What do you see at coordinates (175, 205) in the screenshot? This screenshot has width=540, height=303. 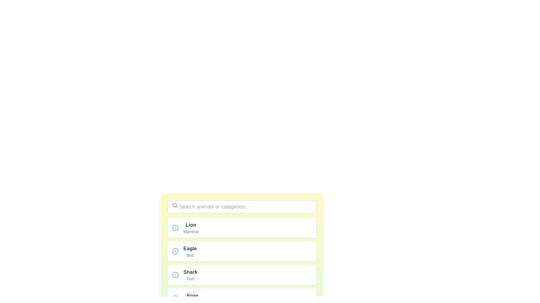 I see `the magnifying glass search icon located on the left inside the rectangular search bar with rounded corners` at bounding box center [175, 205].